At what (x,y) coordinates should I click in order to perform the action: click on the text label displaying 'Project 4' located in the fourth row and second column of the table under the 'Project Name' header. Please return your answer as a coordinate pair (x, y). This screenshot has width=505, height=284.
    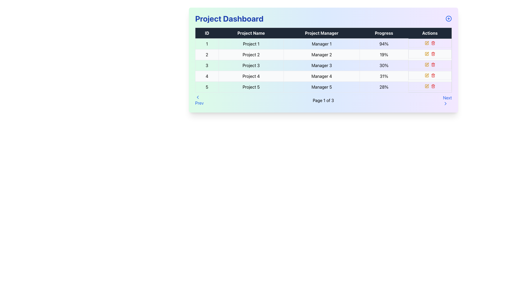
    Looking at the image, I should click on (251, 76).